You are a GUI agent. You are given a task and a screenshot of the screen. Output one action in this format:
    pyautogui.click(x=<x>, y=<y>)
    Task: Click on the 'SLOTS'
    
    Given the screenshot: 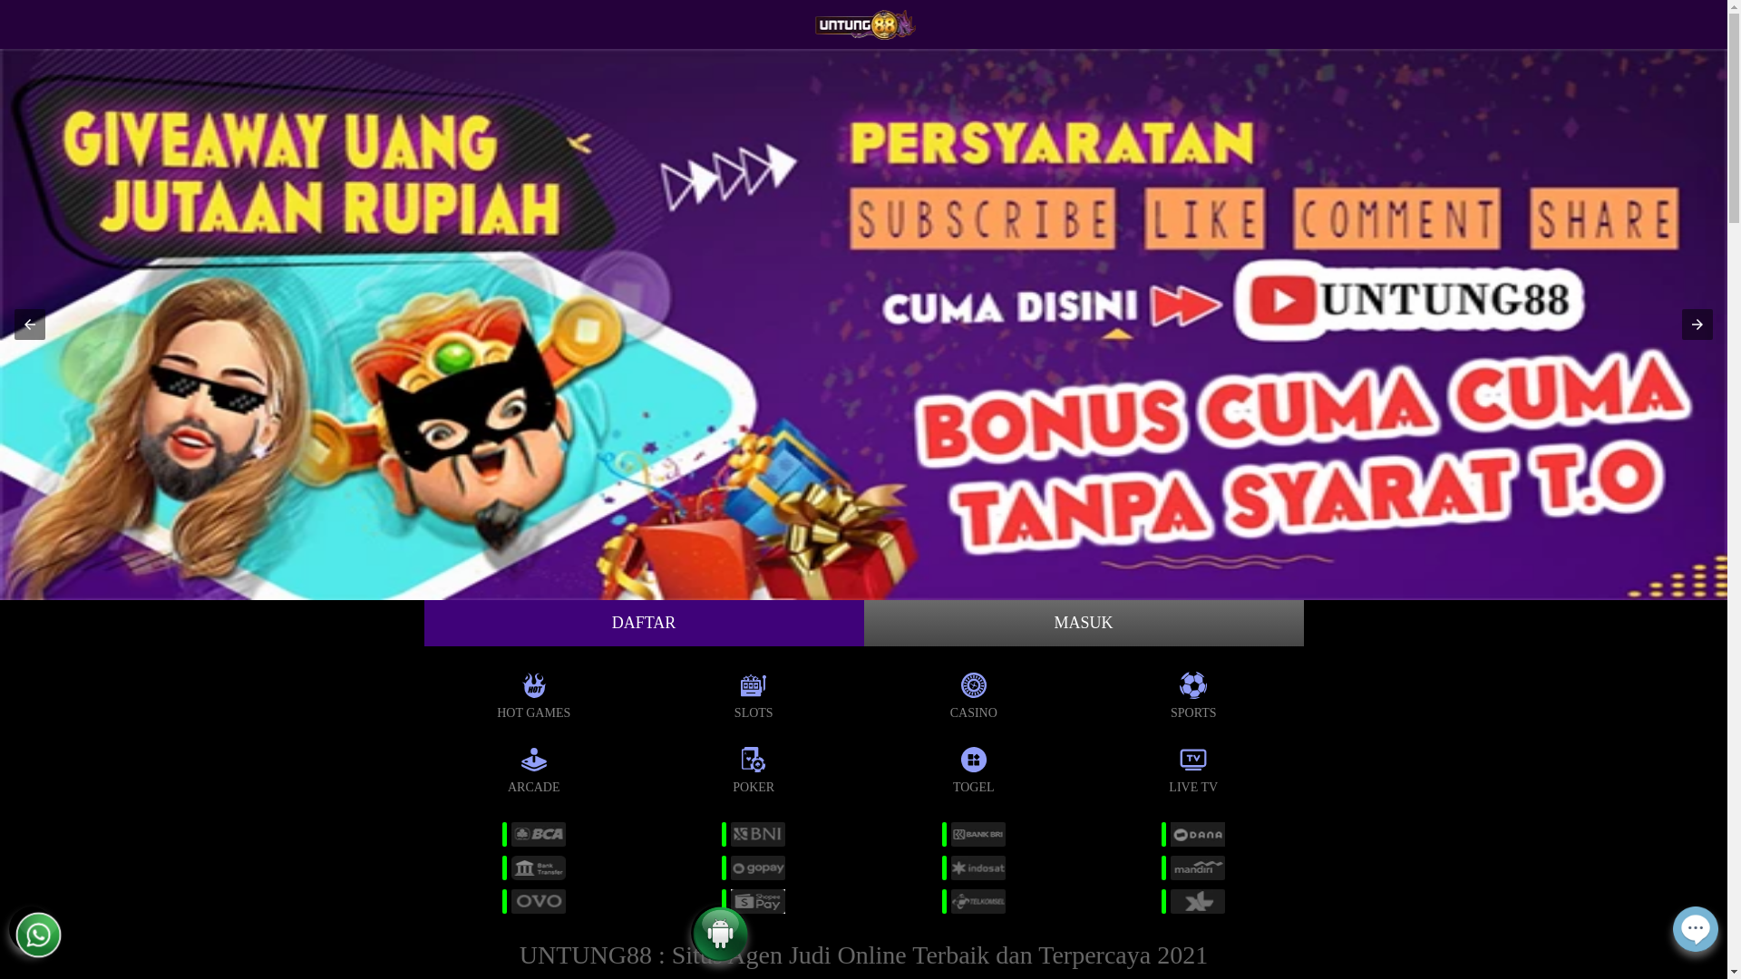 What is the action you would take?
    pyautogui.click(x=754, y=692)
    